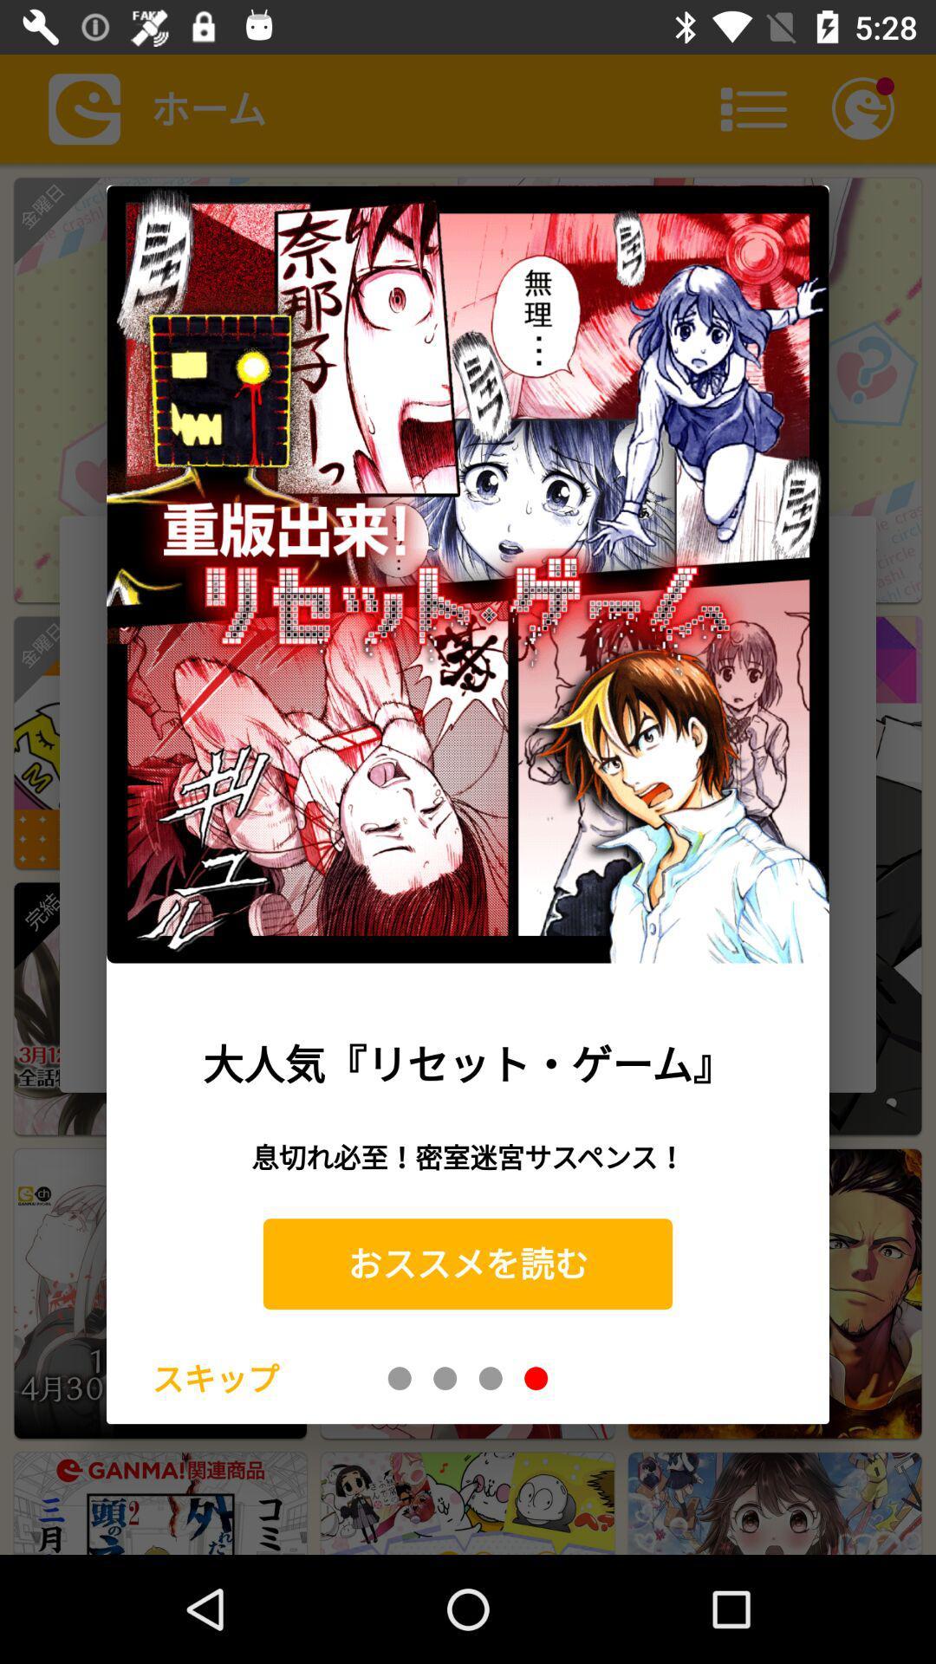 This screenshot has width=936, height=1664. I want to click on page, so click(491, 1377).